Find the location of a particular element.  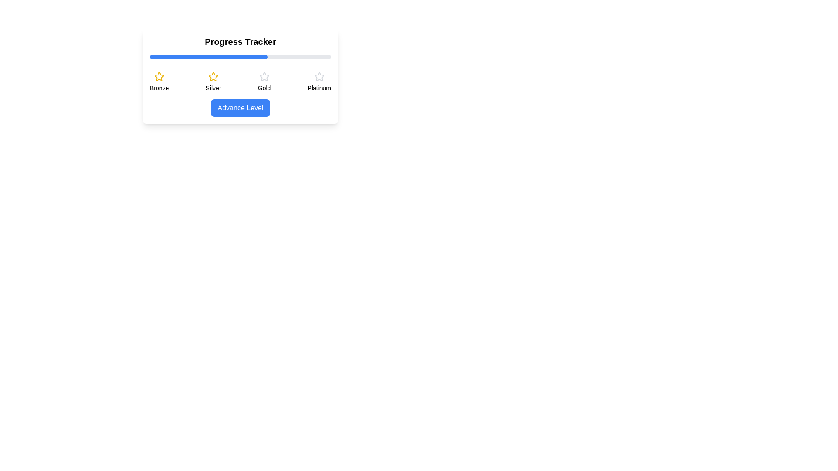

the 'Bronze' level text label that identifies the progress tracking system's bronze status, positioned under the yellow star icon is located at coordinates (159, 88).